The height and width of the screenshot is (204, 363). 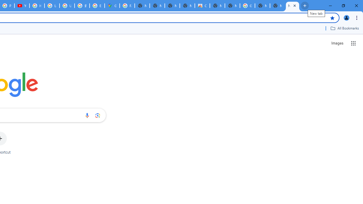 I want to click on 'Google apps', so click(x=353, y=43).